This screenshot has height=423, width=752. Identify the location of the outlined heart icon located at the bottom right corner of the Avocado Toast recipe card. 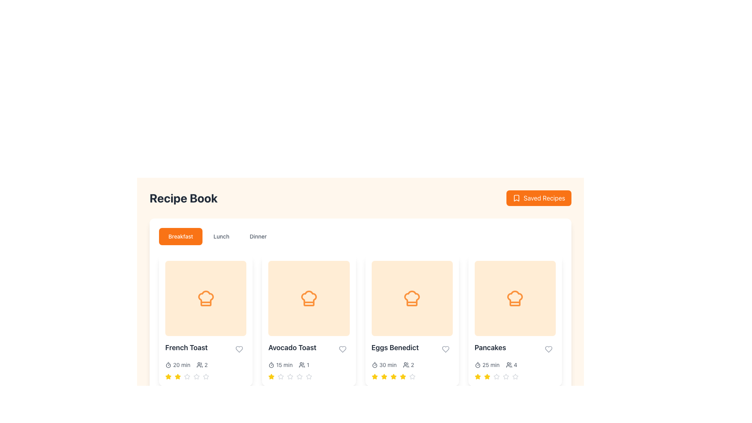
(342, 349).